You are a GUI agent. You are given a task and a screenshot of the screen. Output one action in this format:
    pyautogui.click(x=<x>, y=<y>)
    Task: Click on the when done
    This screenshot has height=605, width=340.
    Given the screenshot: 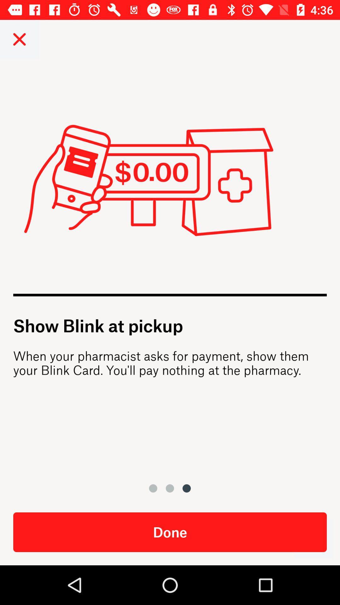 What is the action you would take?
    pyautogui.click(x=313, y=538)
    